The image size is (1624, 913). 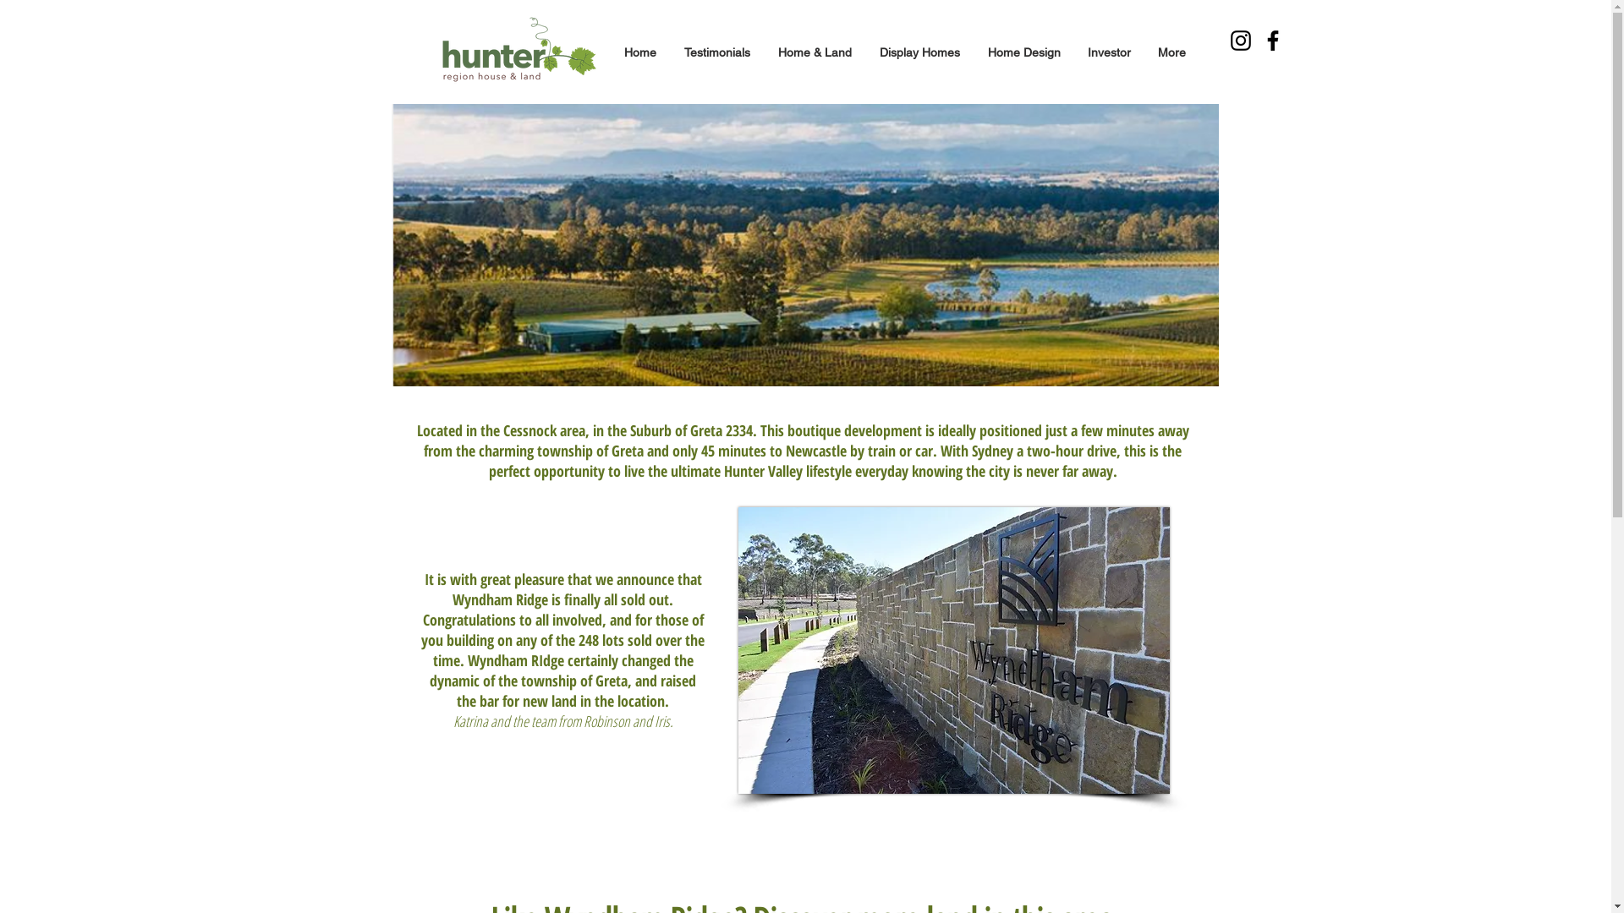 What do you see at coordinates (639, 51) in the screenshot?
I see `'Home'` at bounding box center [639, 51].